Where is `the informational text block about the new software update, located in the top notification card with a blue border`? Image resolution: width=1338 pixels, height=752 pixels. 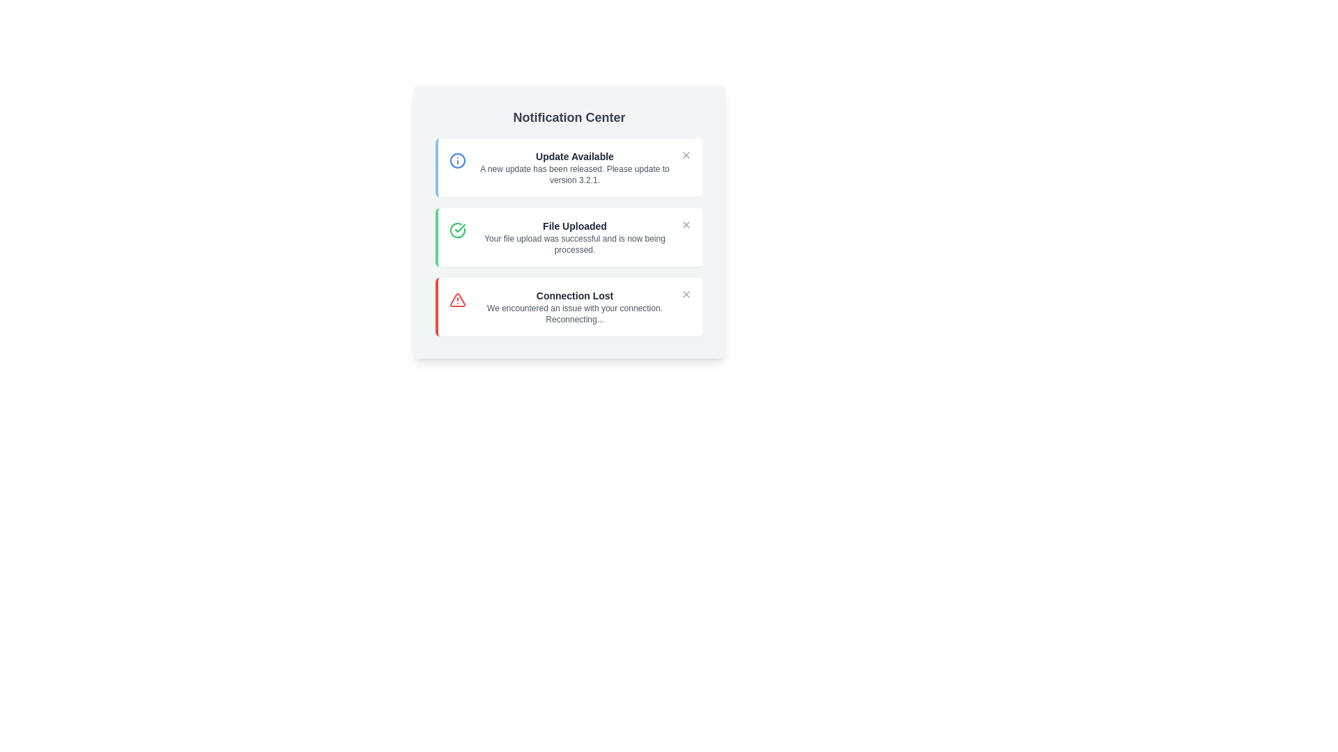 the informational text block about the new software update, located in the top notification card with a blue border is located at coordinates (575, 166).